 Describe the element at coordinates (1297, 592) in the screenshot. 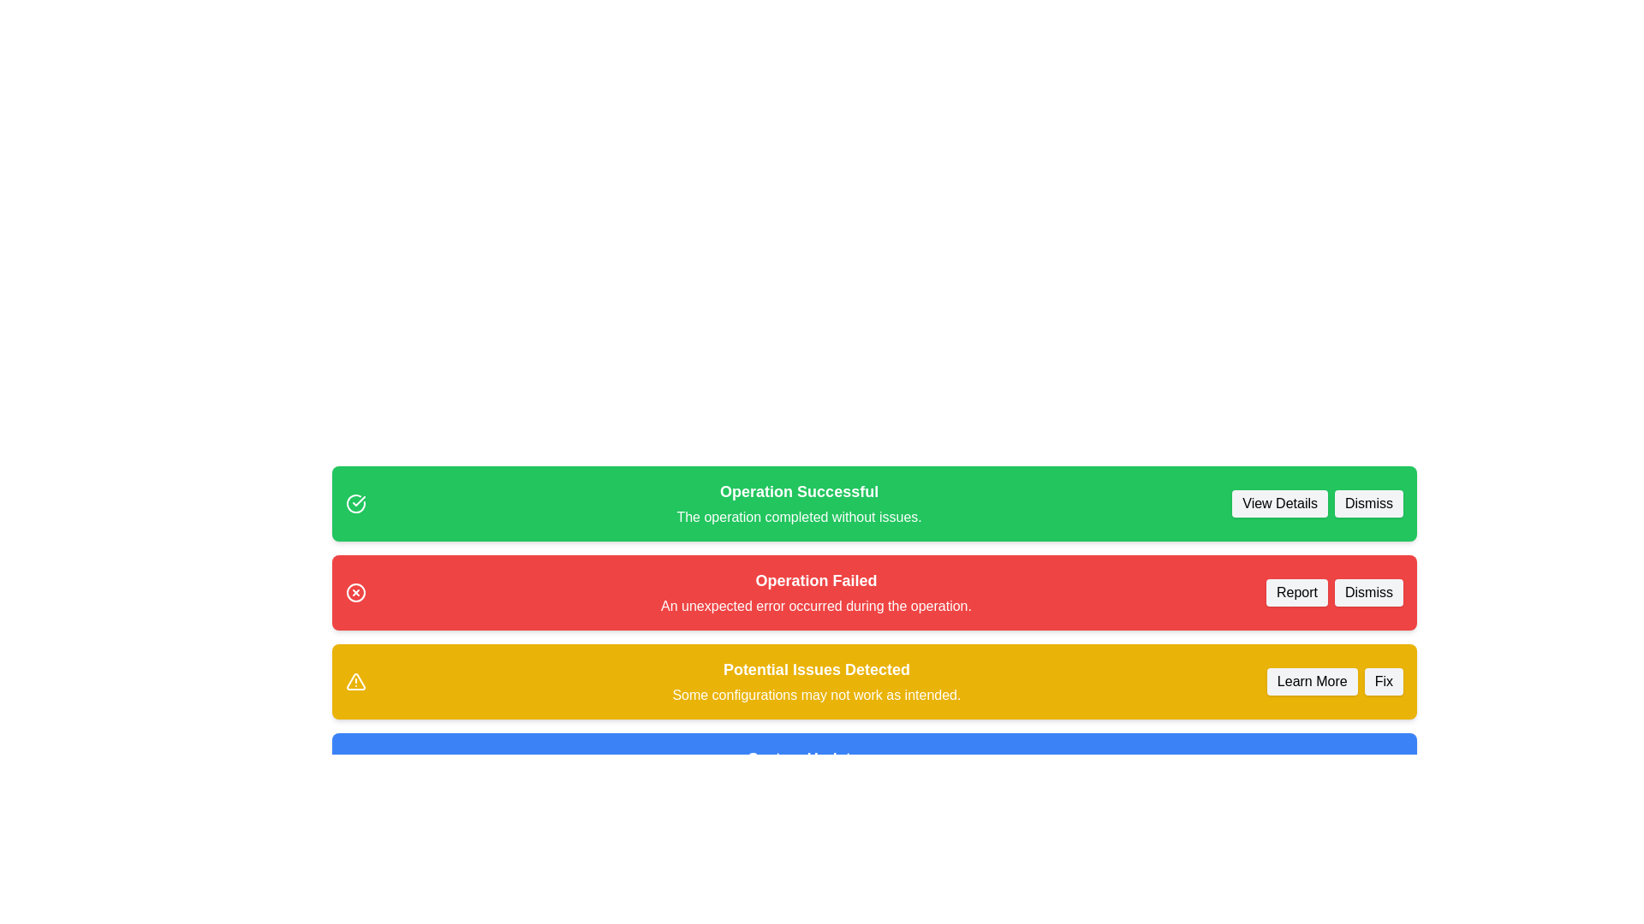

I see `the report issue button located in the second row of the notification panel, highlighted in red` at that location.